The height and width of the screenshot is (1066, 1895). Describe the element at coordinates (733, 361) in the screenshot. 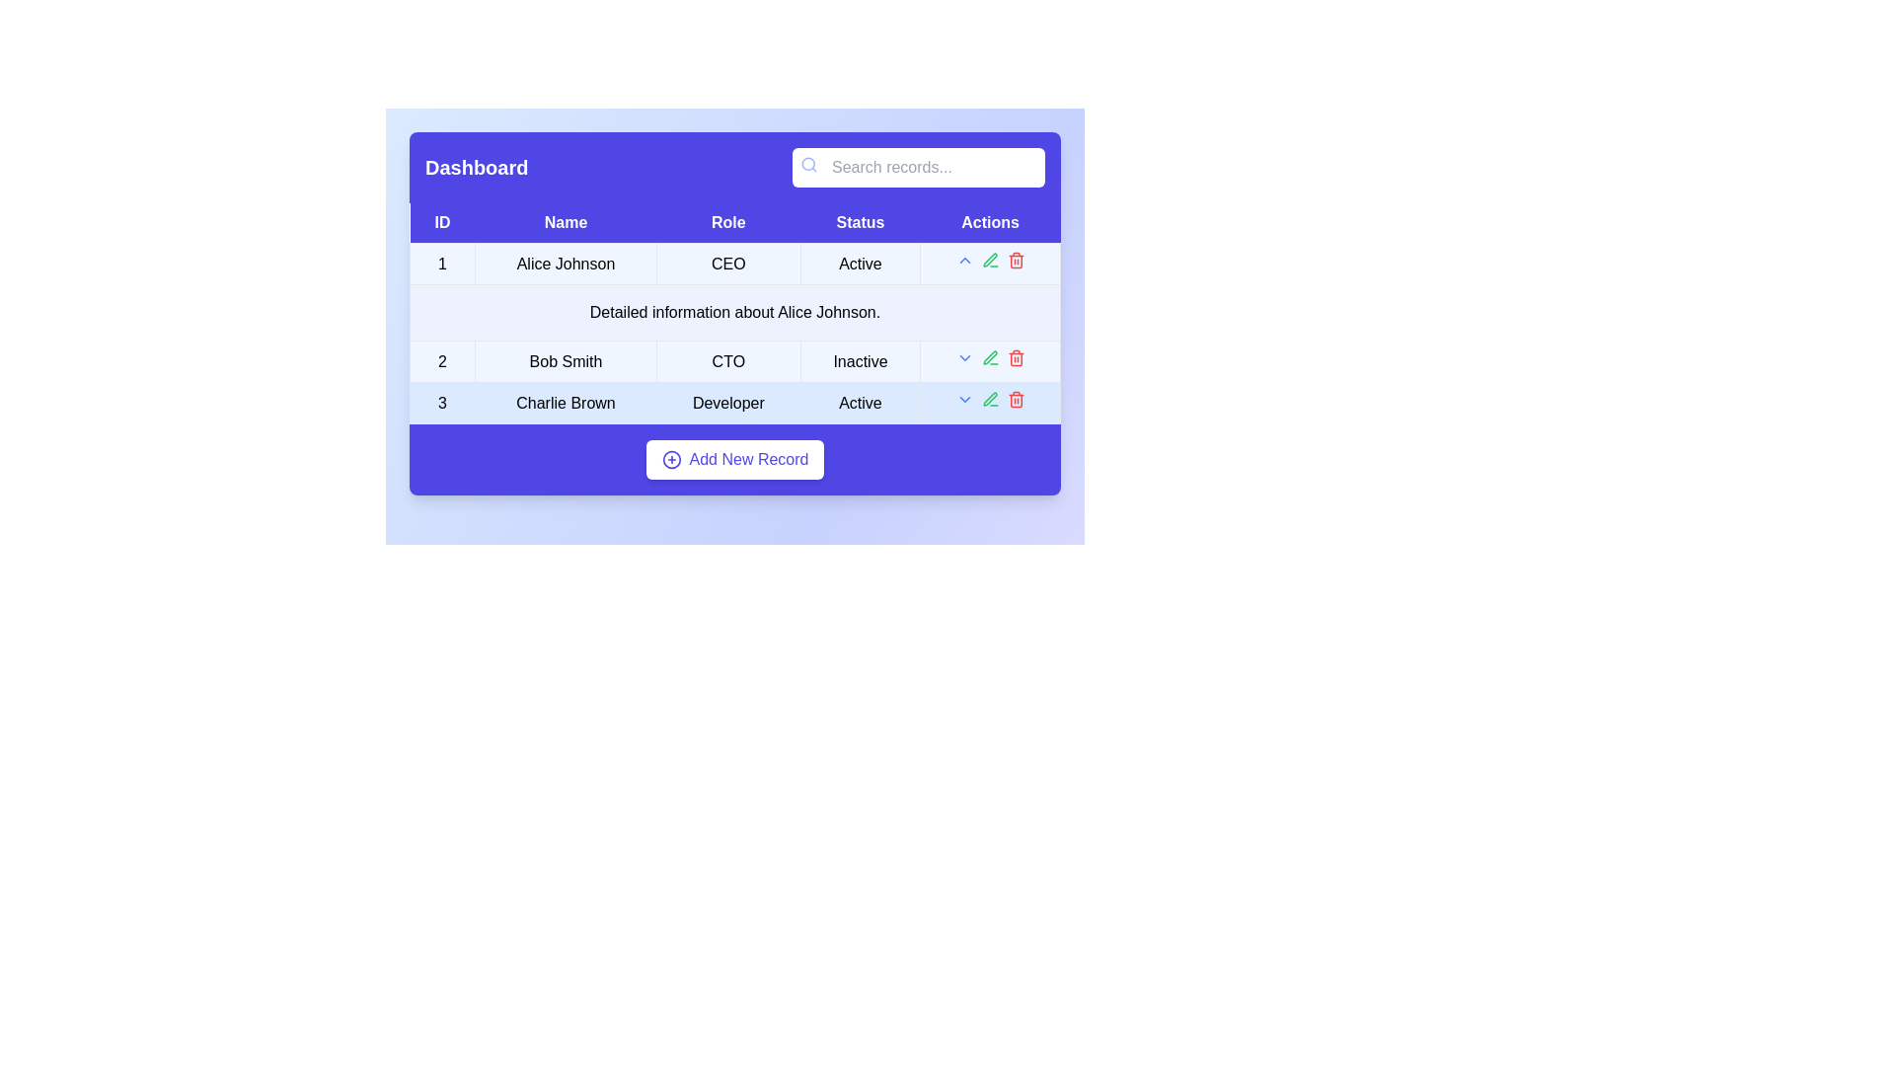

I see `the table row containing details about Bob Smith` at that location.